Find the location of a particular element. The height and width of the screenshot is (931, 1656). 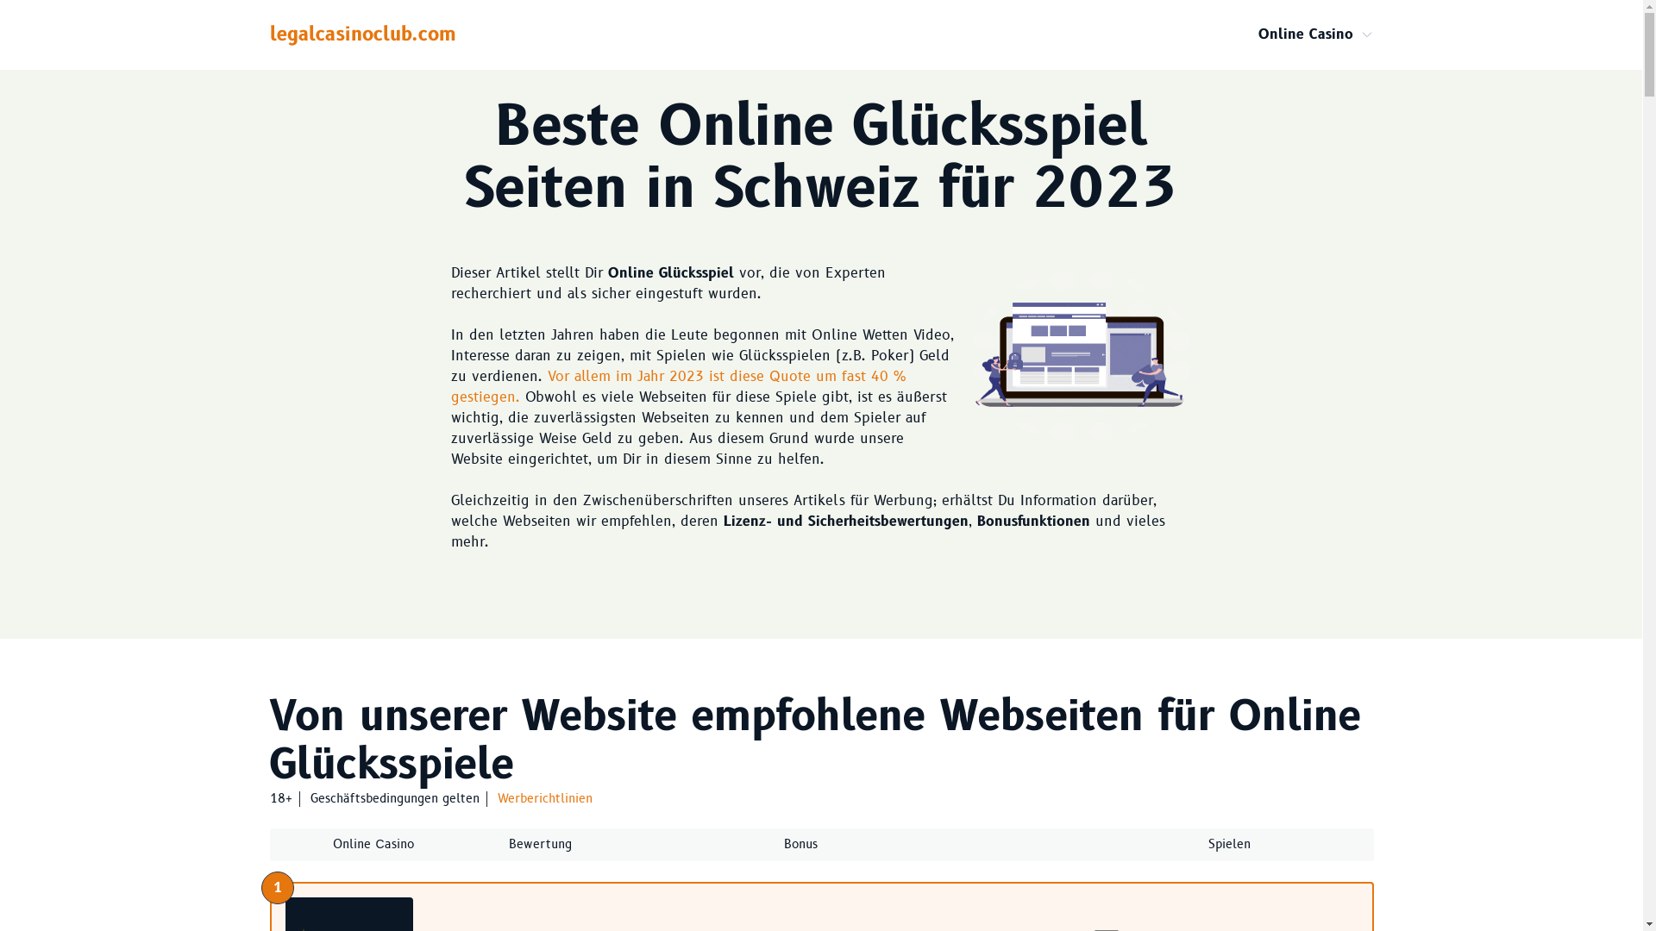

'Werberichtlinien' is located at coordinates (543, 798).